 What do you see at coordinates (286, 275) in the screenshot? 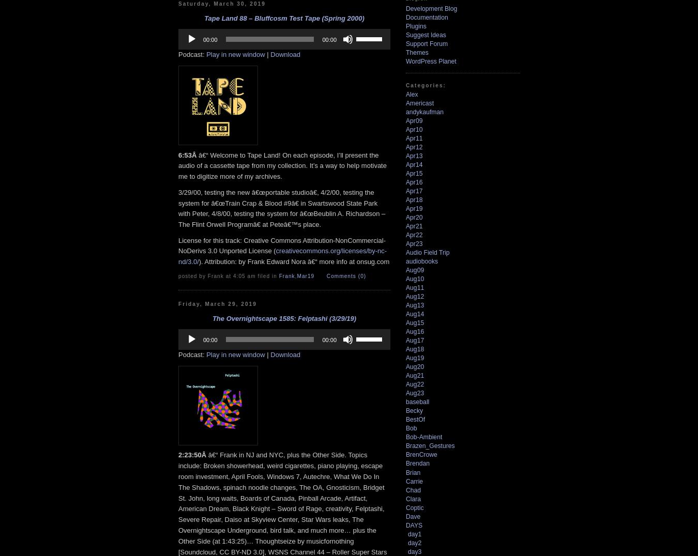
I see `'Frank'` at bounding box center [286, 275].